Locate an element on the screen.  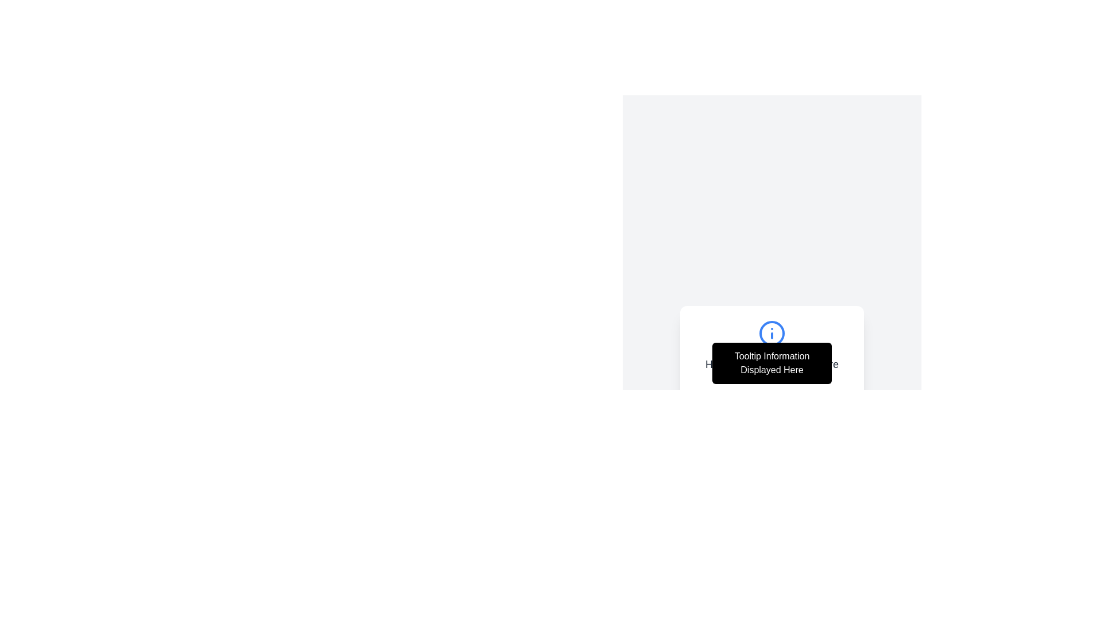
information provided by the tooltip that appears when hovering over the 'Hover for Tooltip' button, located slightly above it is located at coordinates (772, 363).